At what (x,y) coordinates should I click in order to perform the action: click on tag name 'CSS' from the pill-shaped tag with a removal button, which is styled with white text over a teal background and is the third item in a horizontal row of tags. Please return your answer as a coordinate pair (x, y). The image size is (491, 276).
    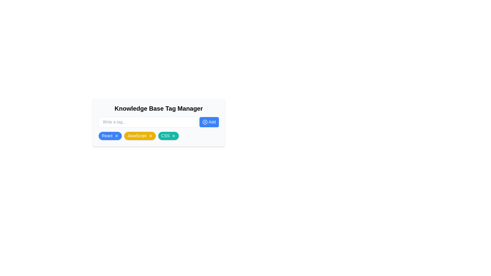
    Looking at the image, I should click on (168, 136).